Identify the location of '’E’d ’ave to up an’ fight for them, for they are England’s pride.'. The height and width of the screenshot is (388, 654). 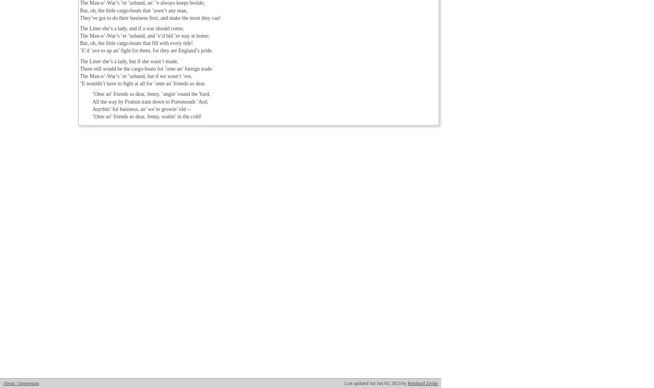
(146, 50).